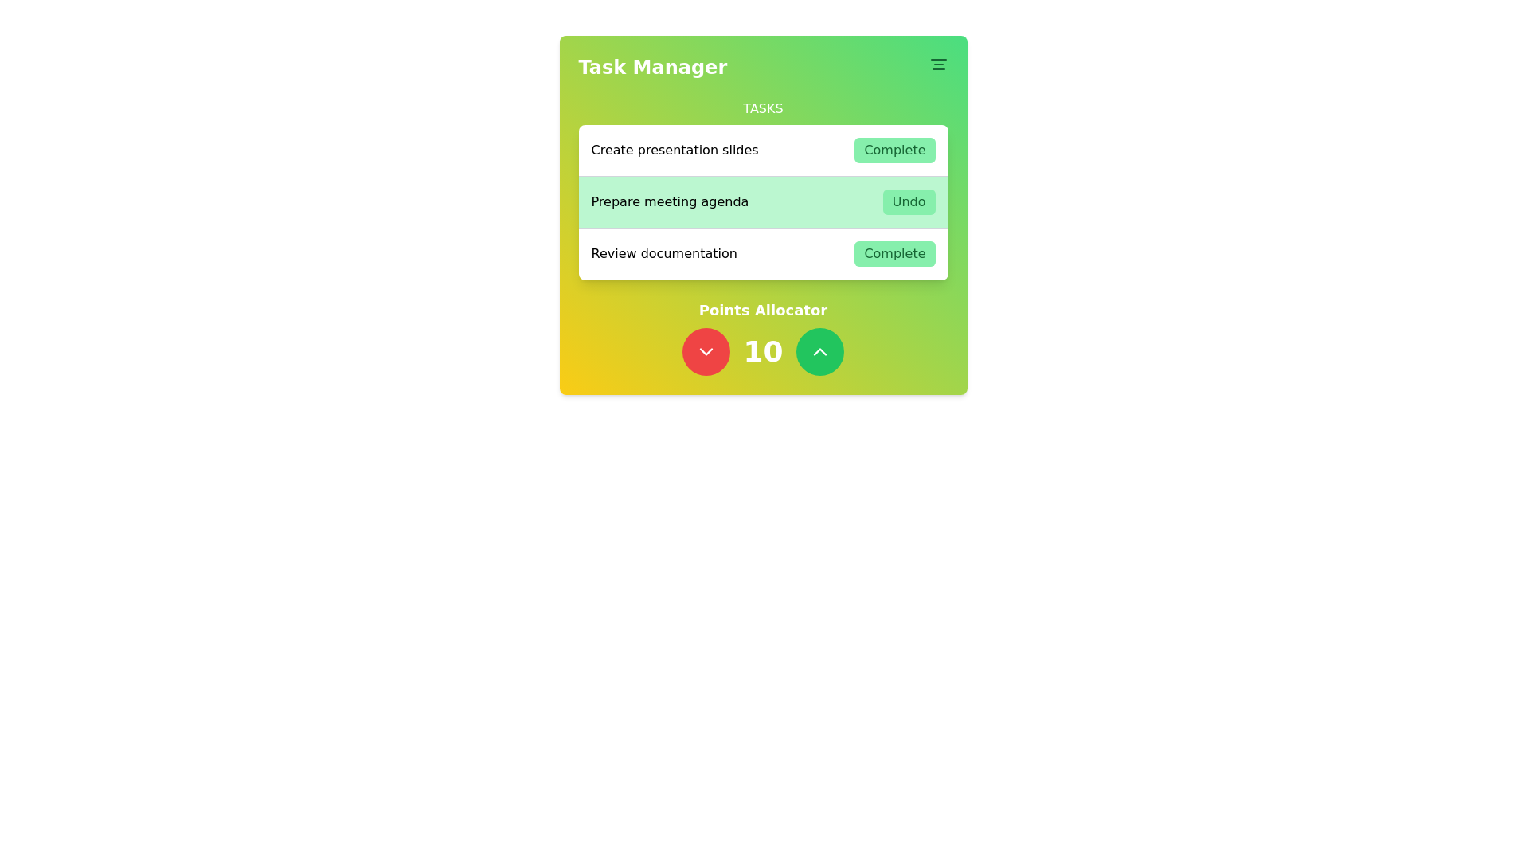  What do you see at coordinates (762, 310) in the screenshot?
I see `the Text label indicating the function of the associated components in the 'Task Manager' card, positioned above the numeric display and between the decrement and increment buttons` at bounding box center [762, 310].